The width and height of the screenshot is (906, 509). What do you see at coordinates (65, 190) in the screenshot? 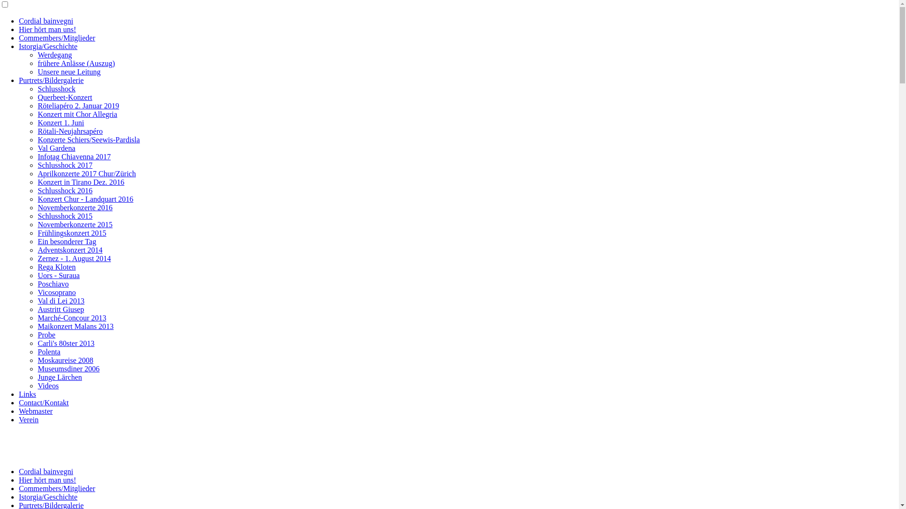
I see `'Schlusshock 2016'` at bounding box center [65, 190].